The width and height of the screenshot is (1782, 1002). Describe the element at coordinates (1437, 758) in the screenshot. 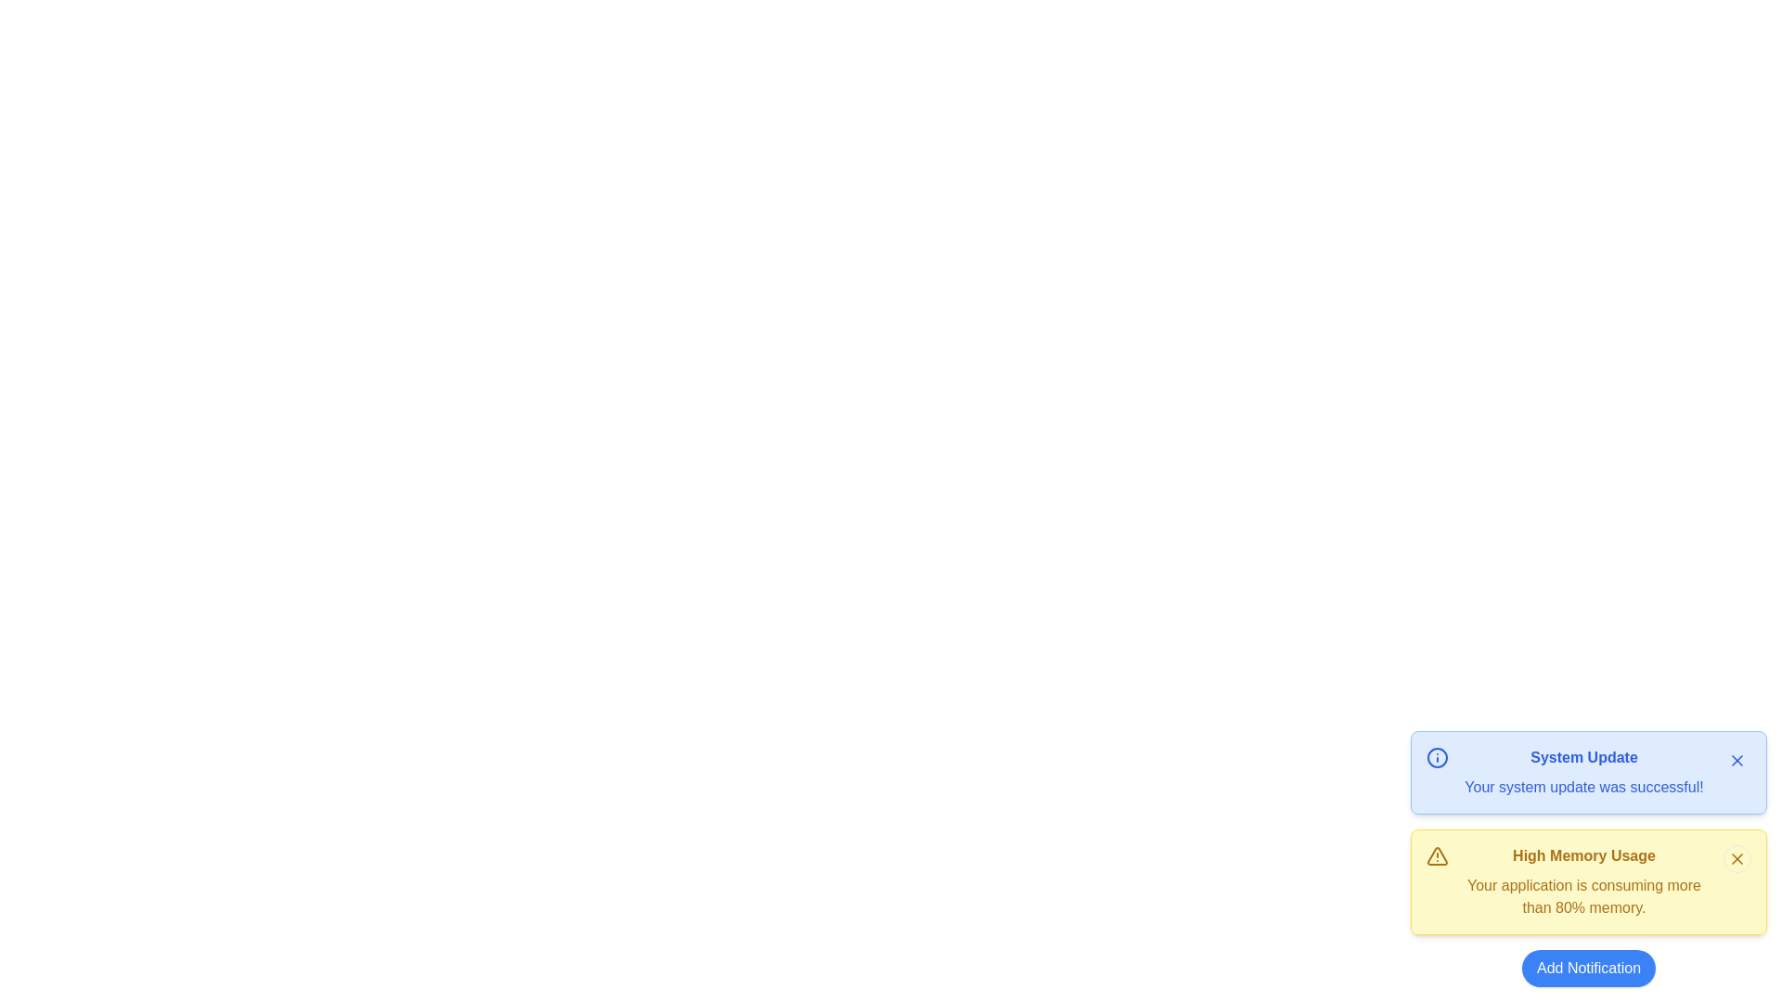

I see `the appearance of the informational icon located at the far left of the notification panel displaying 'System Update Your system update was successful!'` at that location.